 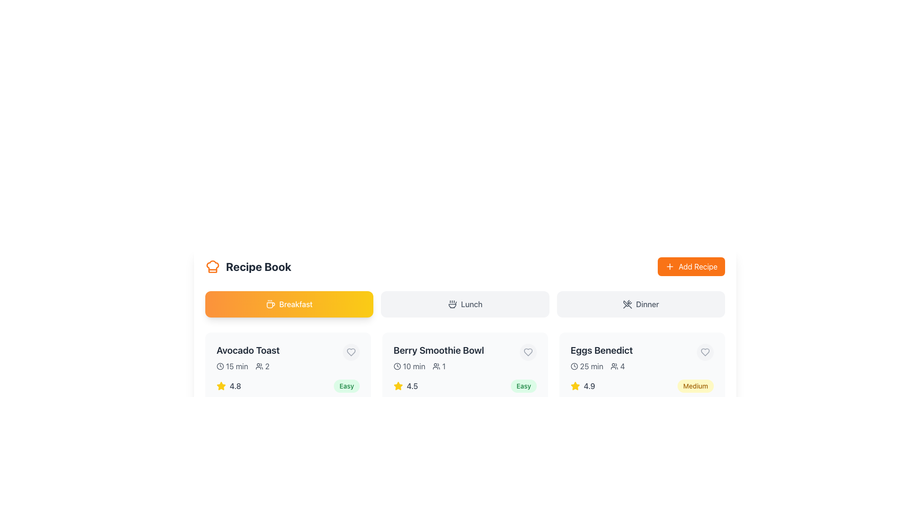 I want to click on assistive technologies, so click(x=221, y=386).